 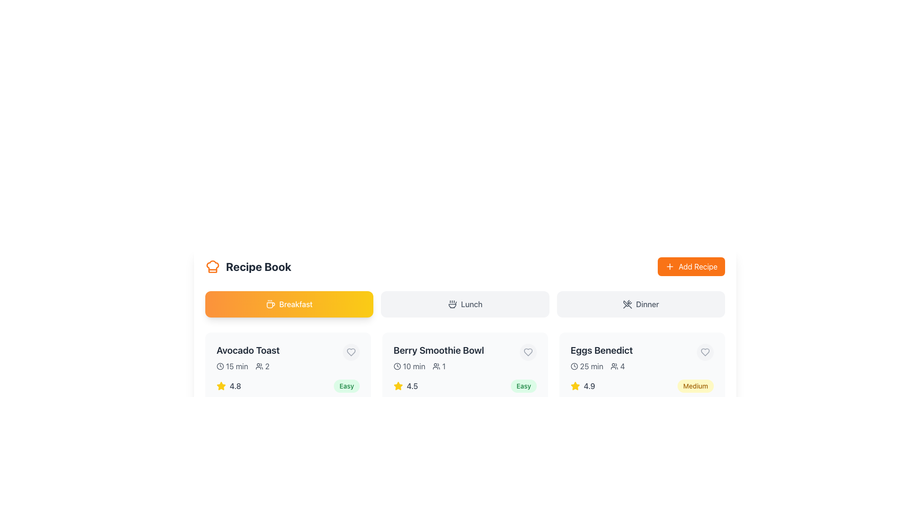 I want to click on assistive technologies, so click(x=221, y=386).